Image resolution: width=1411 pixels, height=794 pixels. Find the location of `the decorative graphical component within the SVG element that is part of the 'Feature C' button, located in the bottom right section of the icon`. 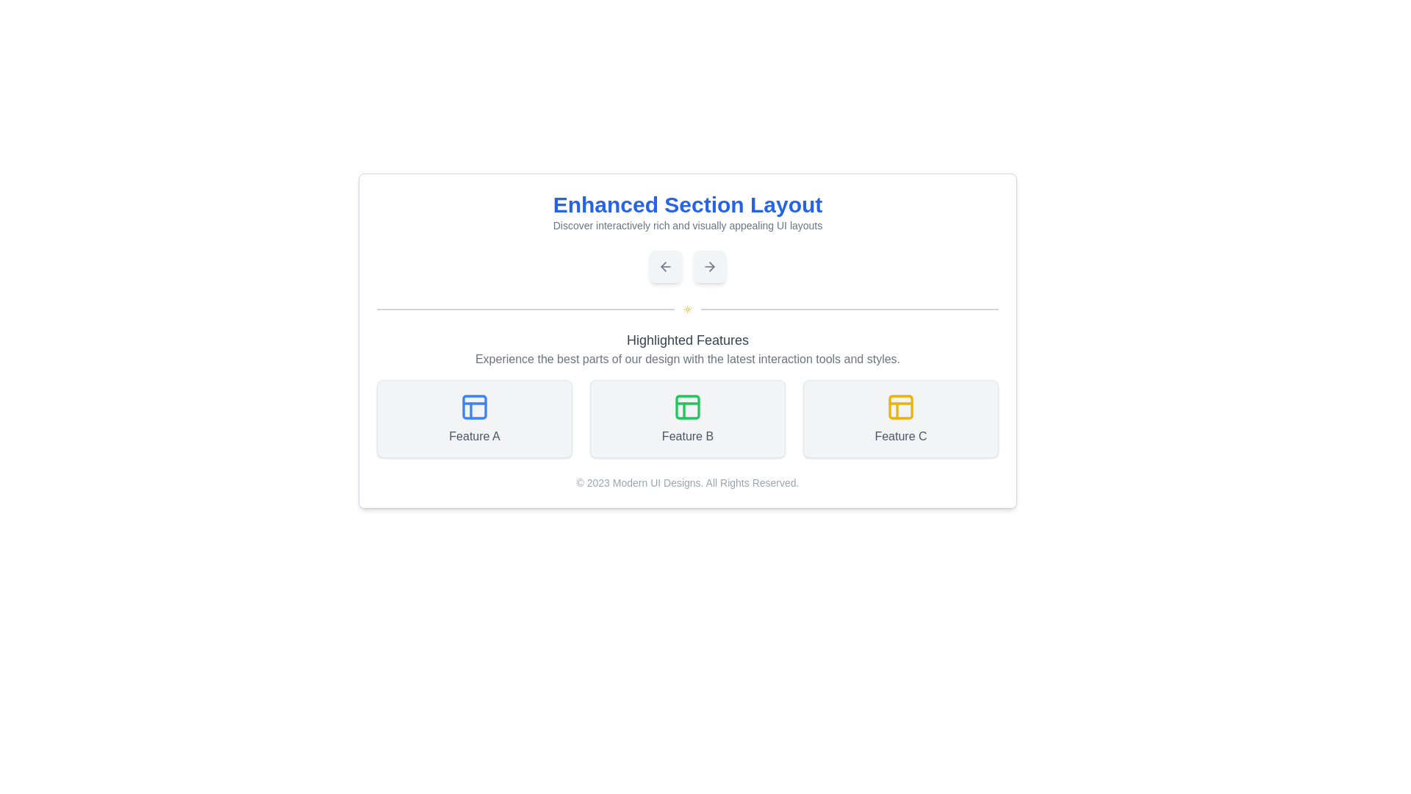

the decorative graphical component within the SVG element that is part of the 'Feature C' button, located in the bottom right section of the icon is located at coordinates (900, 407).